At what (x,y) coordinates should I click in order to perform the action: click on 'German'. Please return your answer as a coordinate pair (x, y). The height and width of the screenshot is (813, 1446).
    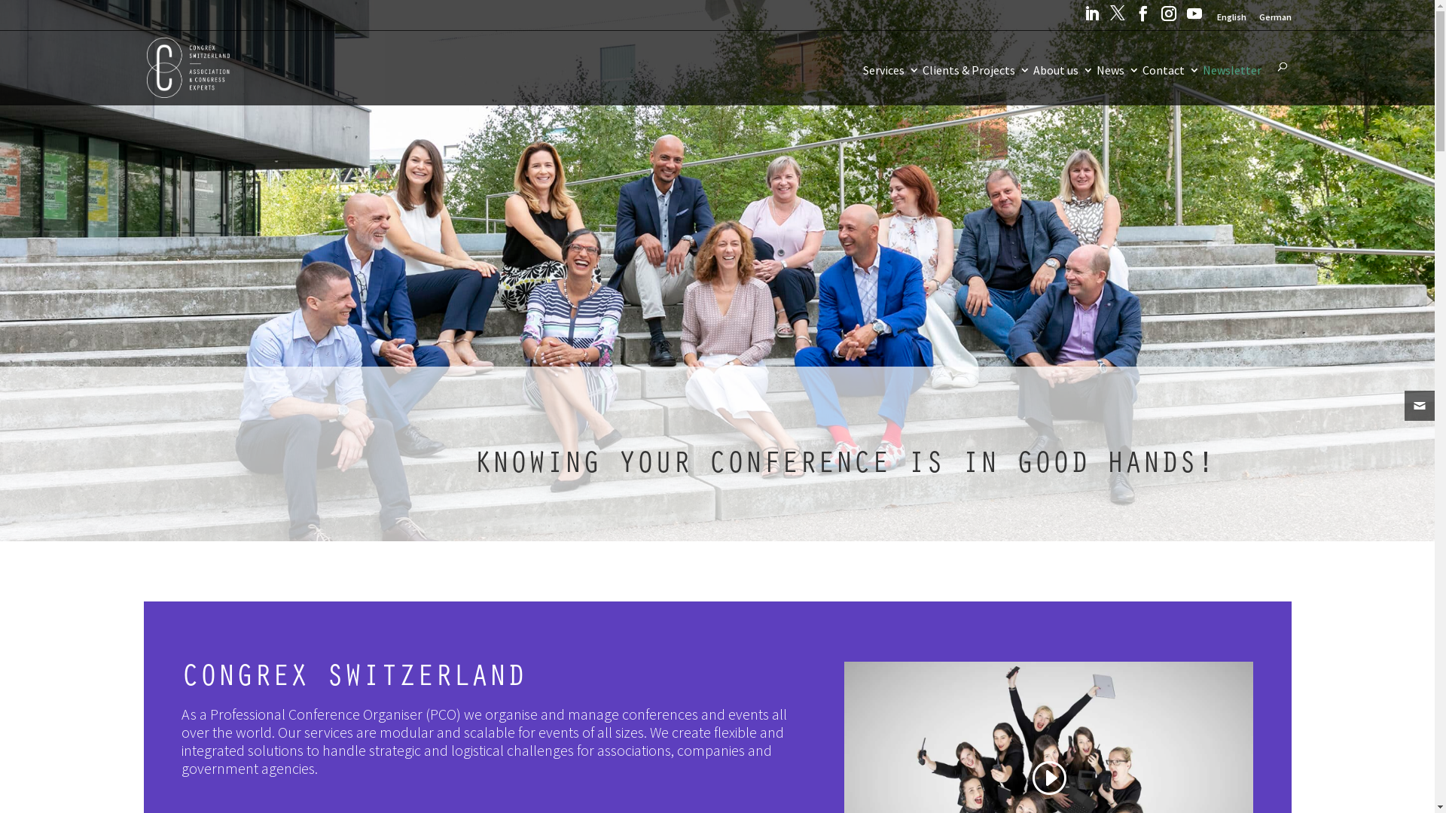
    Looking at the image, I should click on (1274, 20).